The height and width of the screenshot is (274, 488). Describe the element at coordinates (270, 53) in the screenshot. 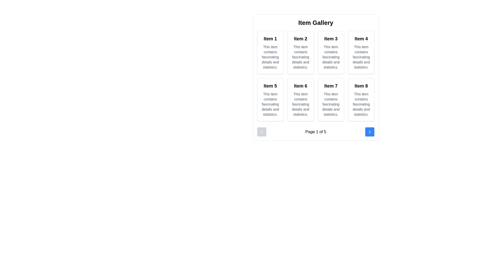

I see `the first card in the grid layout displaying 'Item 1' with a white background and light shadow` at that location.